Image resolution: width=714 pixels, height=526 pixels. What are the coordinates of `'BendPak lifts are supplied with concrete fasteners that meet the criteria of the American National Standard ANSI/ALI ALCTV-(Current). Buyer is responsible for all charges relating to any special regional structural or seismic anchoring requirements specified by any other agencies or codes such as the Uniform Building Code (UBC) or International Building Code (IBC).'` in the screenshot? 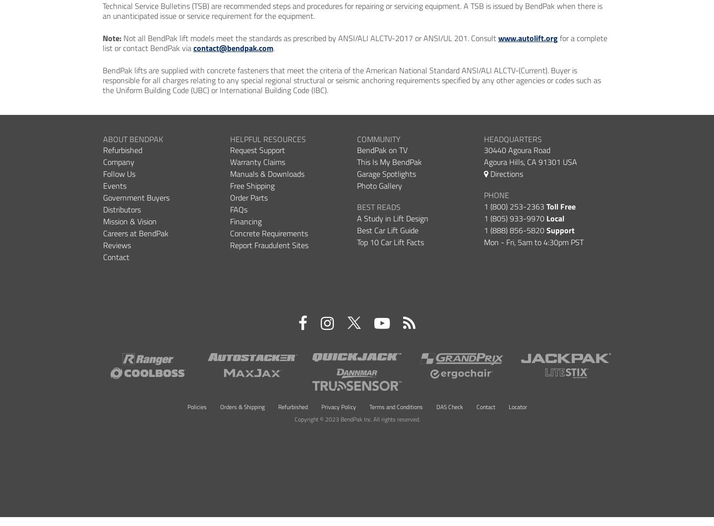 It's located at (351, 80).